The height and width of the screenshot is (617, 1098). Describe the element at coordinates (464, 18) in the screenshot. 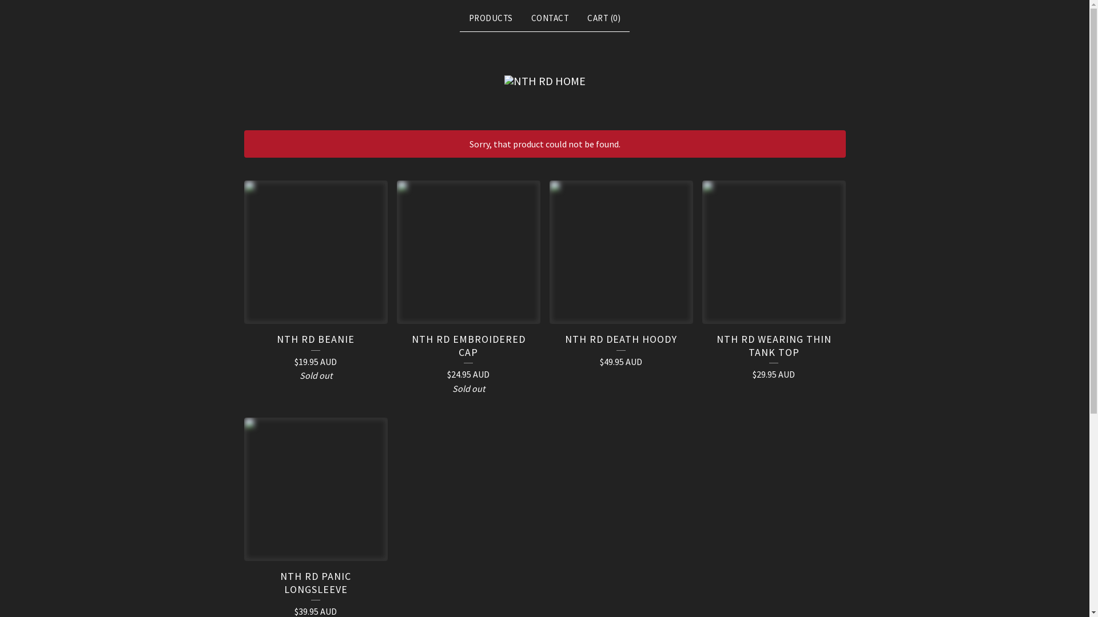

I see `'PRODUCTS'` at that location.